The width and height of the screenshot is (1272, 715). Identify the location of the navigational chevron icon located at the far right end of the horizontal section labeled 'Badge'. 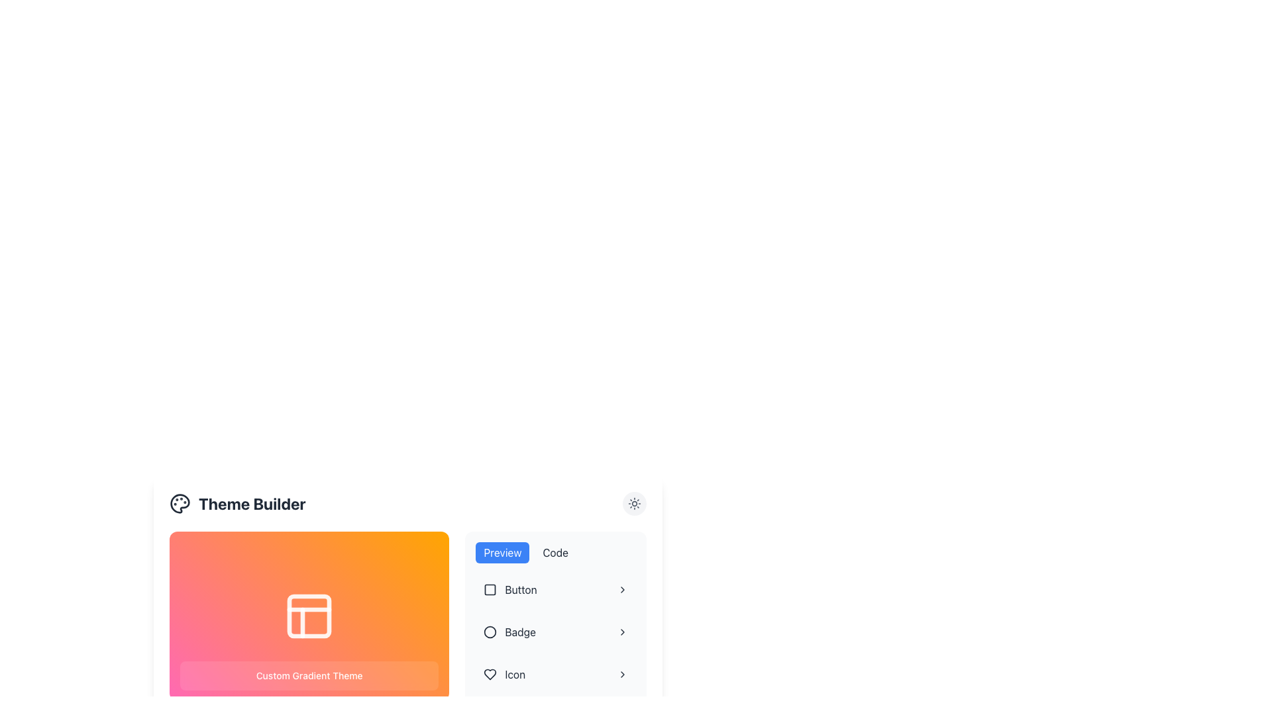
(622, 632).